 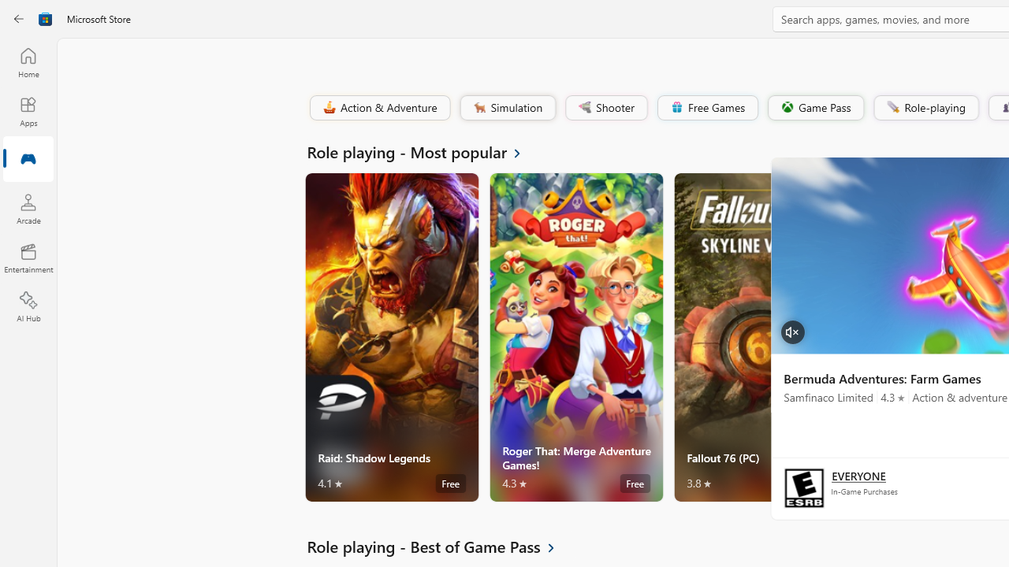 What do you see at coordinates (926, 106) in the screenshot?
I see `'Role-playing'` at bounding box center [926, 106].